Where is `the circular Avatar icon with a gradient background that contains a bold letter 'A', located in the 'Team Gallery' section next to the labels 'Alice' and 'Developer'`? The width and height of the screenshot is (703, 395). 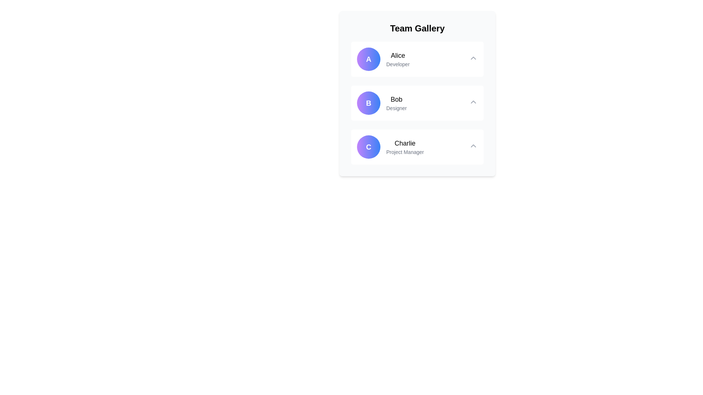 the circular Avatar icon with a gradient background that contains a bold letter 'A', located in the 'Team Gallery' section next to the labels 'Alice' and 'Developer' is located at coordinates (369, 59).